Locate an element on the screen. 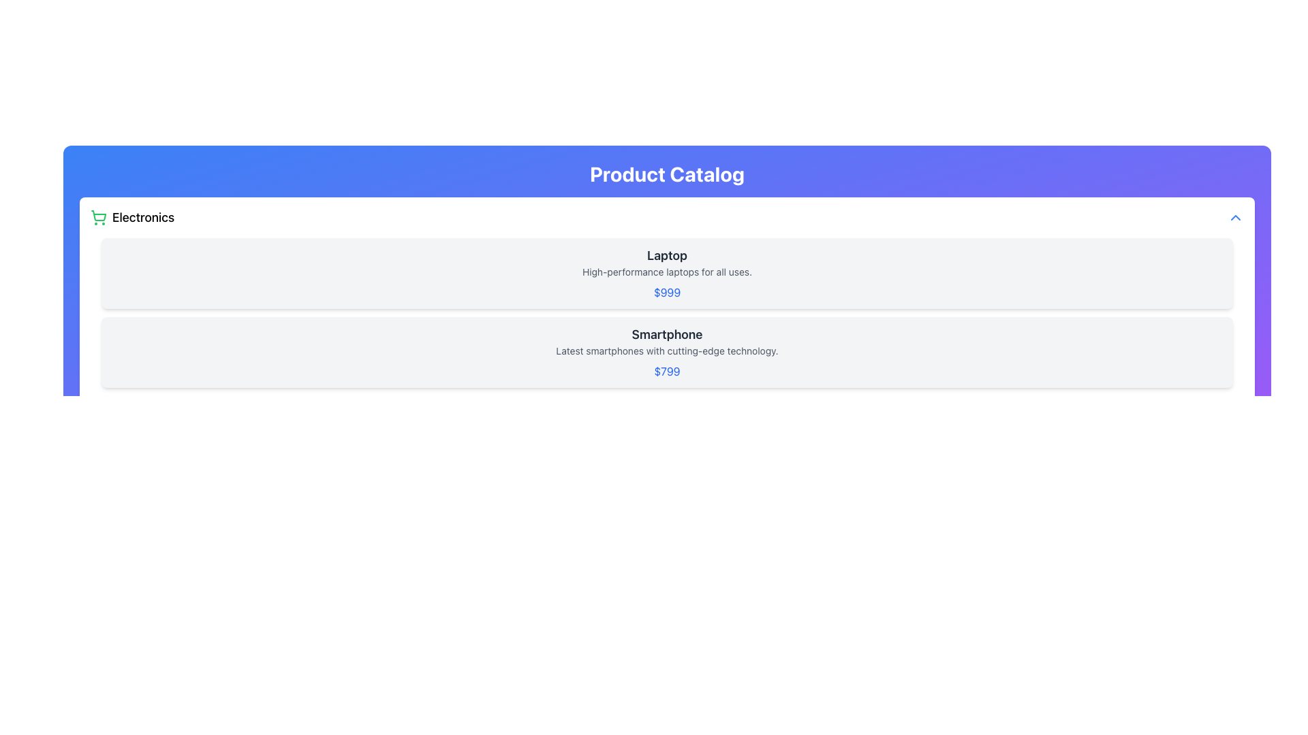  the shopping cart icon located to the immediate left of the text 'Electronics' is located at coordinates (97, 217).